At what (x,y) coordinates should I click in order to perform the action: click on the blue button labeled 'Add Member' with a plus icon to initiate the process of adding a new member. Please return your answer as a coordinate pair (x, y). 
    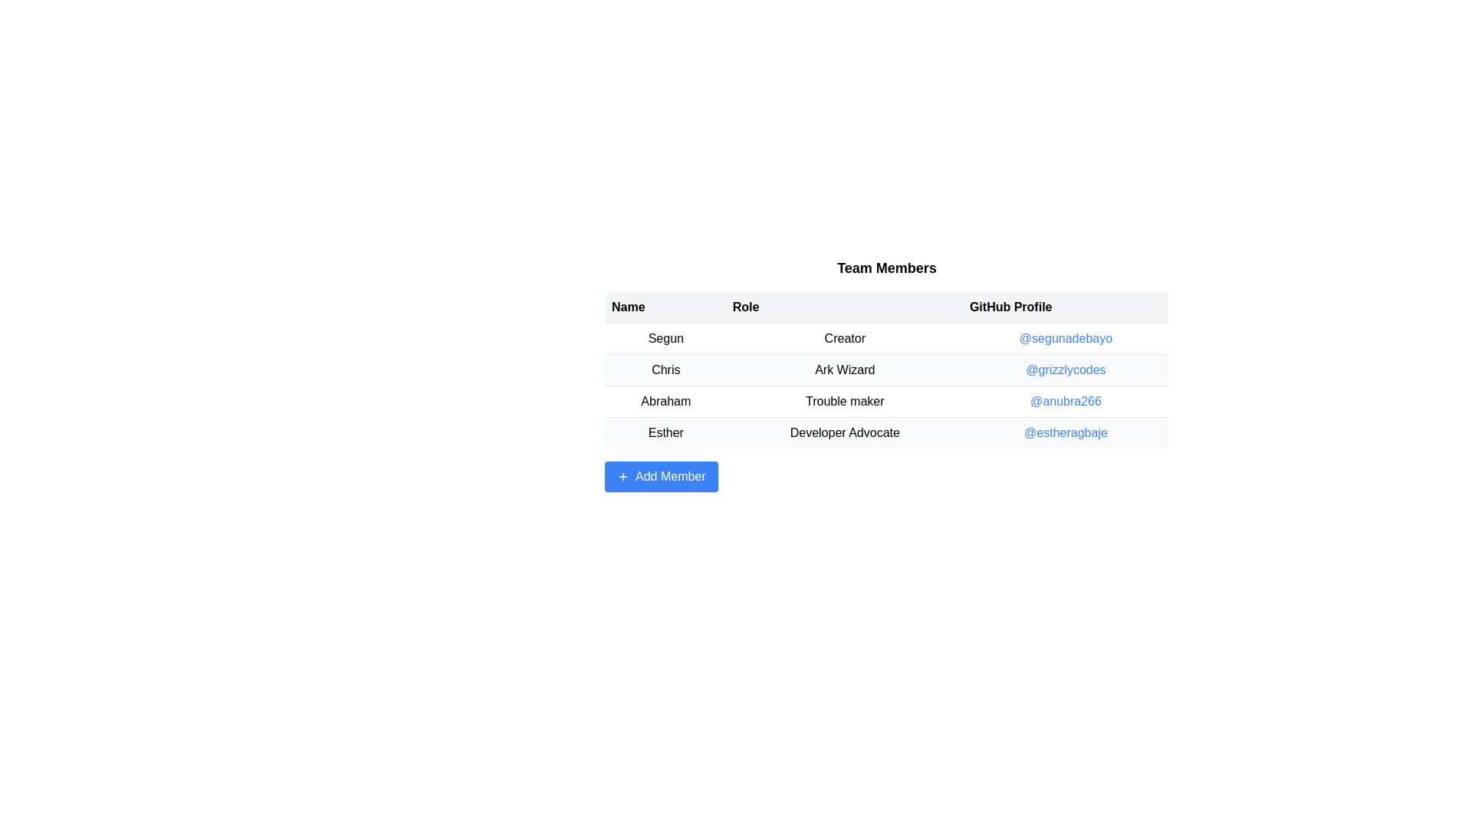
    Looking at the image, I should click on (661, 475).